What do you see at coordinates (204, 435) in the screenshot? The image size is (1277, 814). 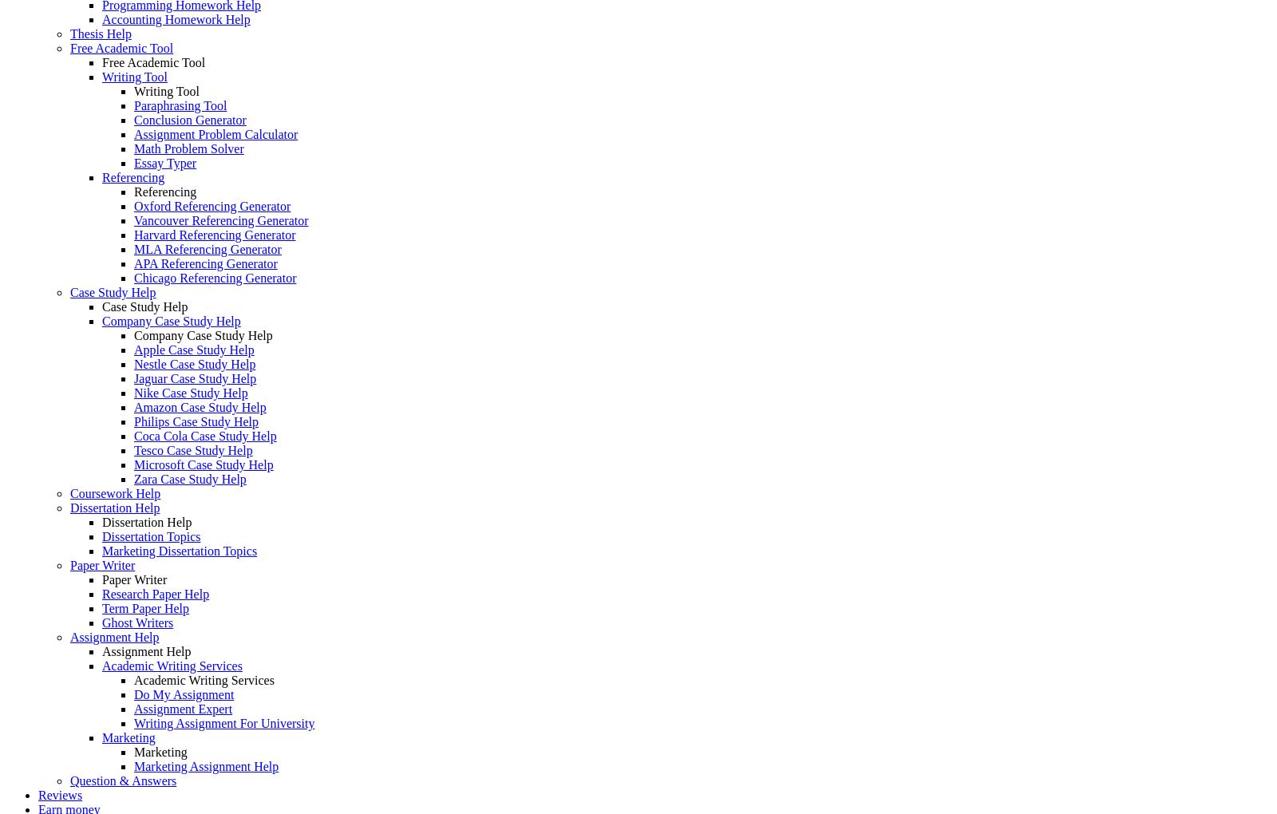 I see `'Coca Cola Case Study Help'` at bounding box center [204, 435].